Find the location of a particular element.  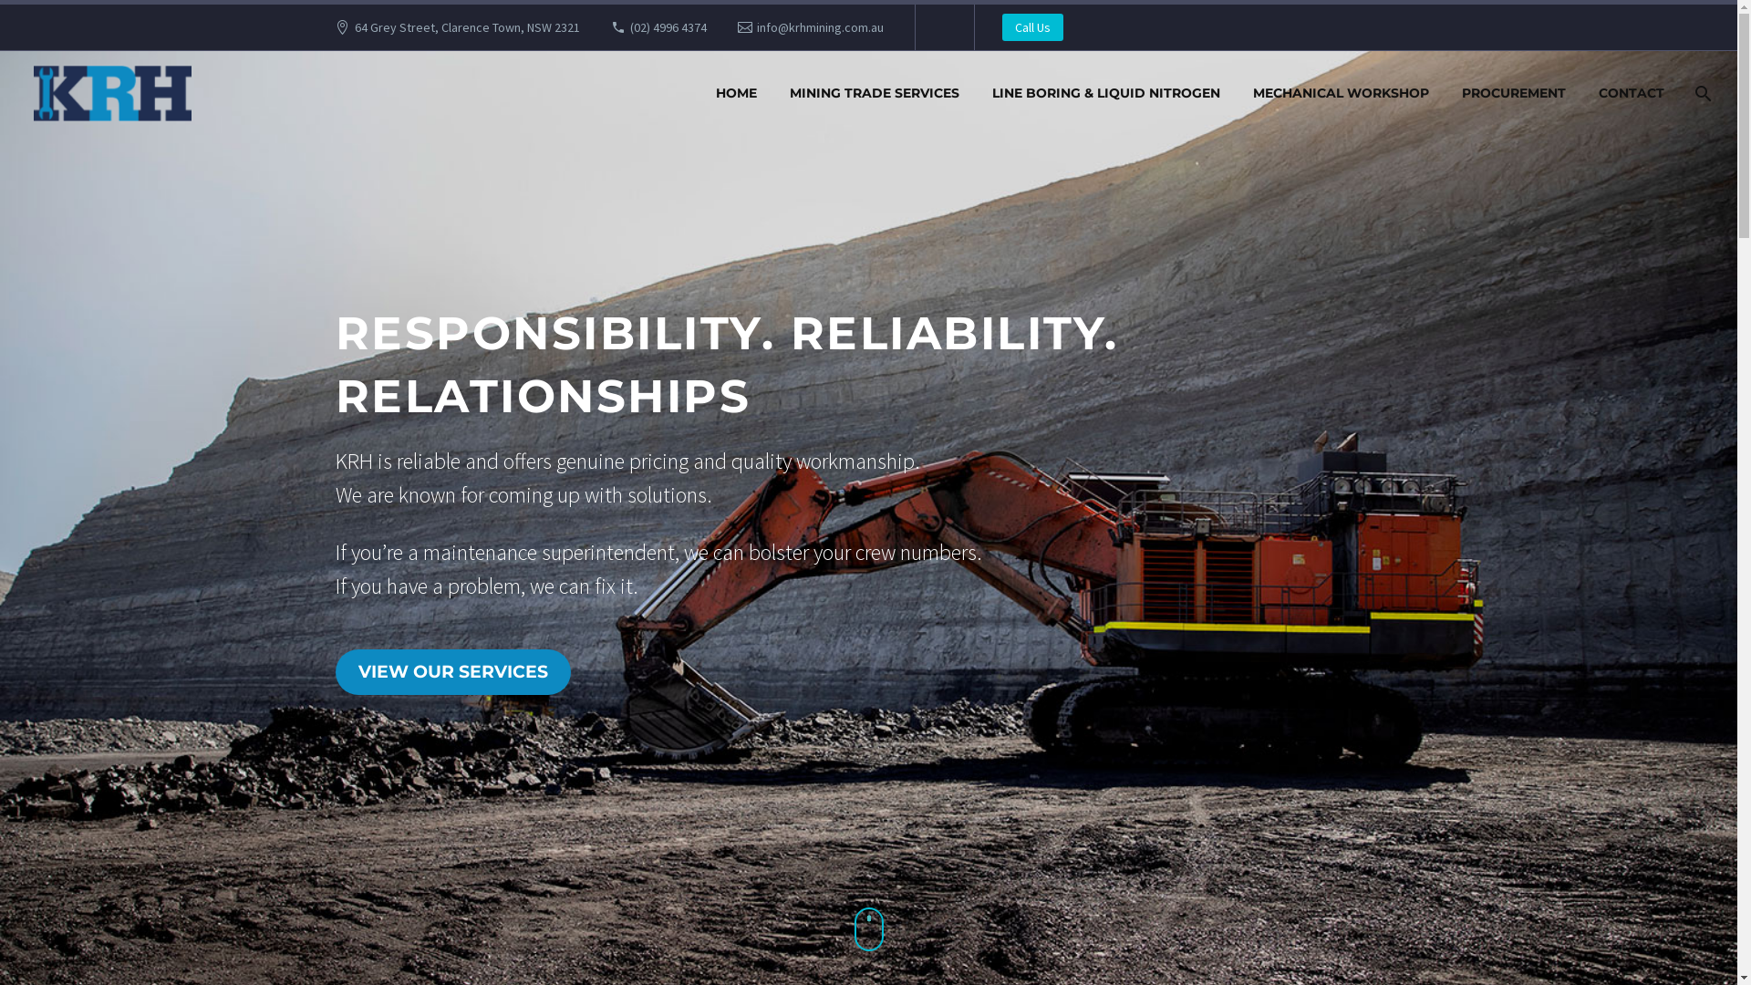

'LINE BORING & LIQUID NITROGEN' is located at coordinates (1105, 93).